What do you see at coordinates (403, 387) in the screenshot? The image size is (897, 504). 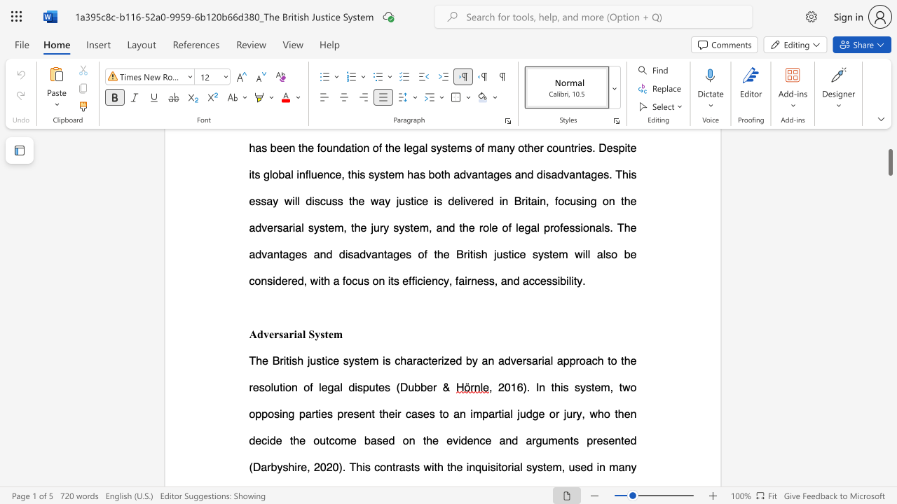 I see `the 1th character "D" in the text` at bounding box center [403, 387].